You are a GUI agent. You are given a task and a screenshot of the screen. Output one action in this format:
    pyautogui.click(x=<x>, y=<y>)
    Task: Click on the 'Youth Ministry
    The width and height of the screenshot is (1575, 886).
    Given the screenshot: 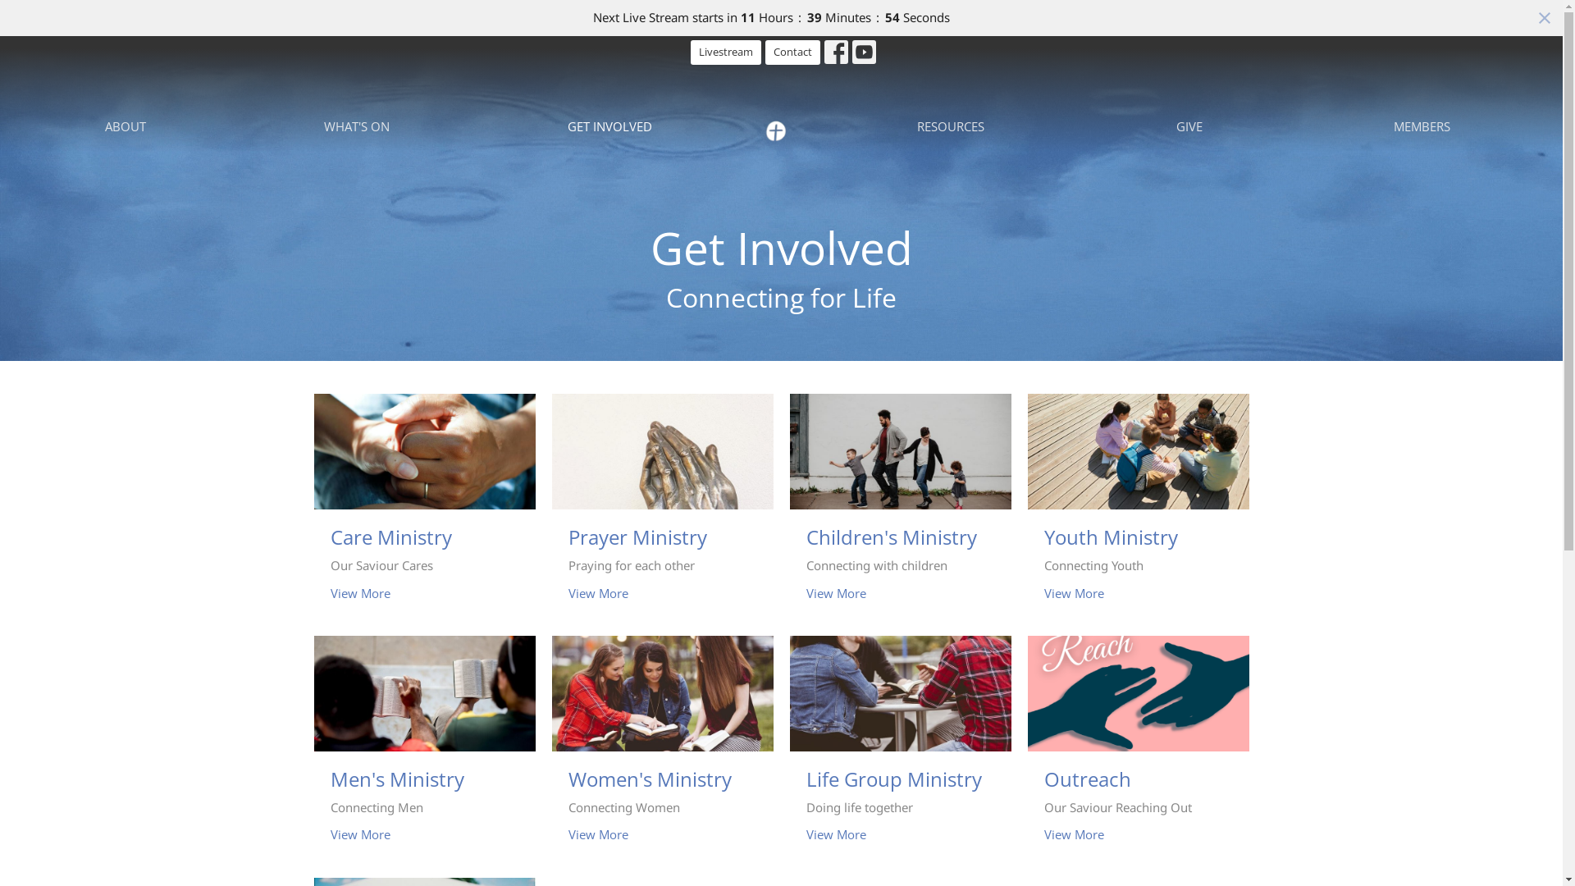 What is the action you would take?
    pyautogui.click(x=1137, y=505)
    